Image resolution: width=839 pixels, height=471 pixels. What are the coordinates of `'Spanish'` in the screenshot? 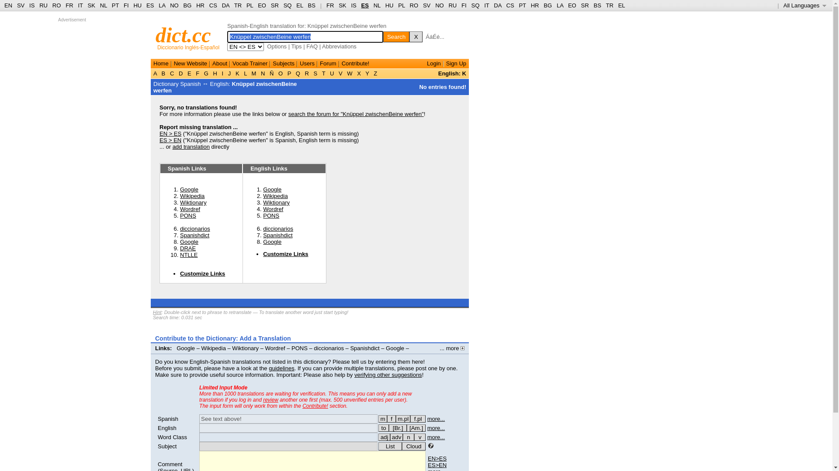 It's located at (168, 418).